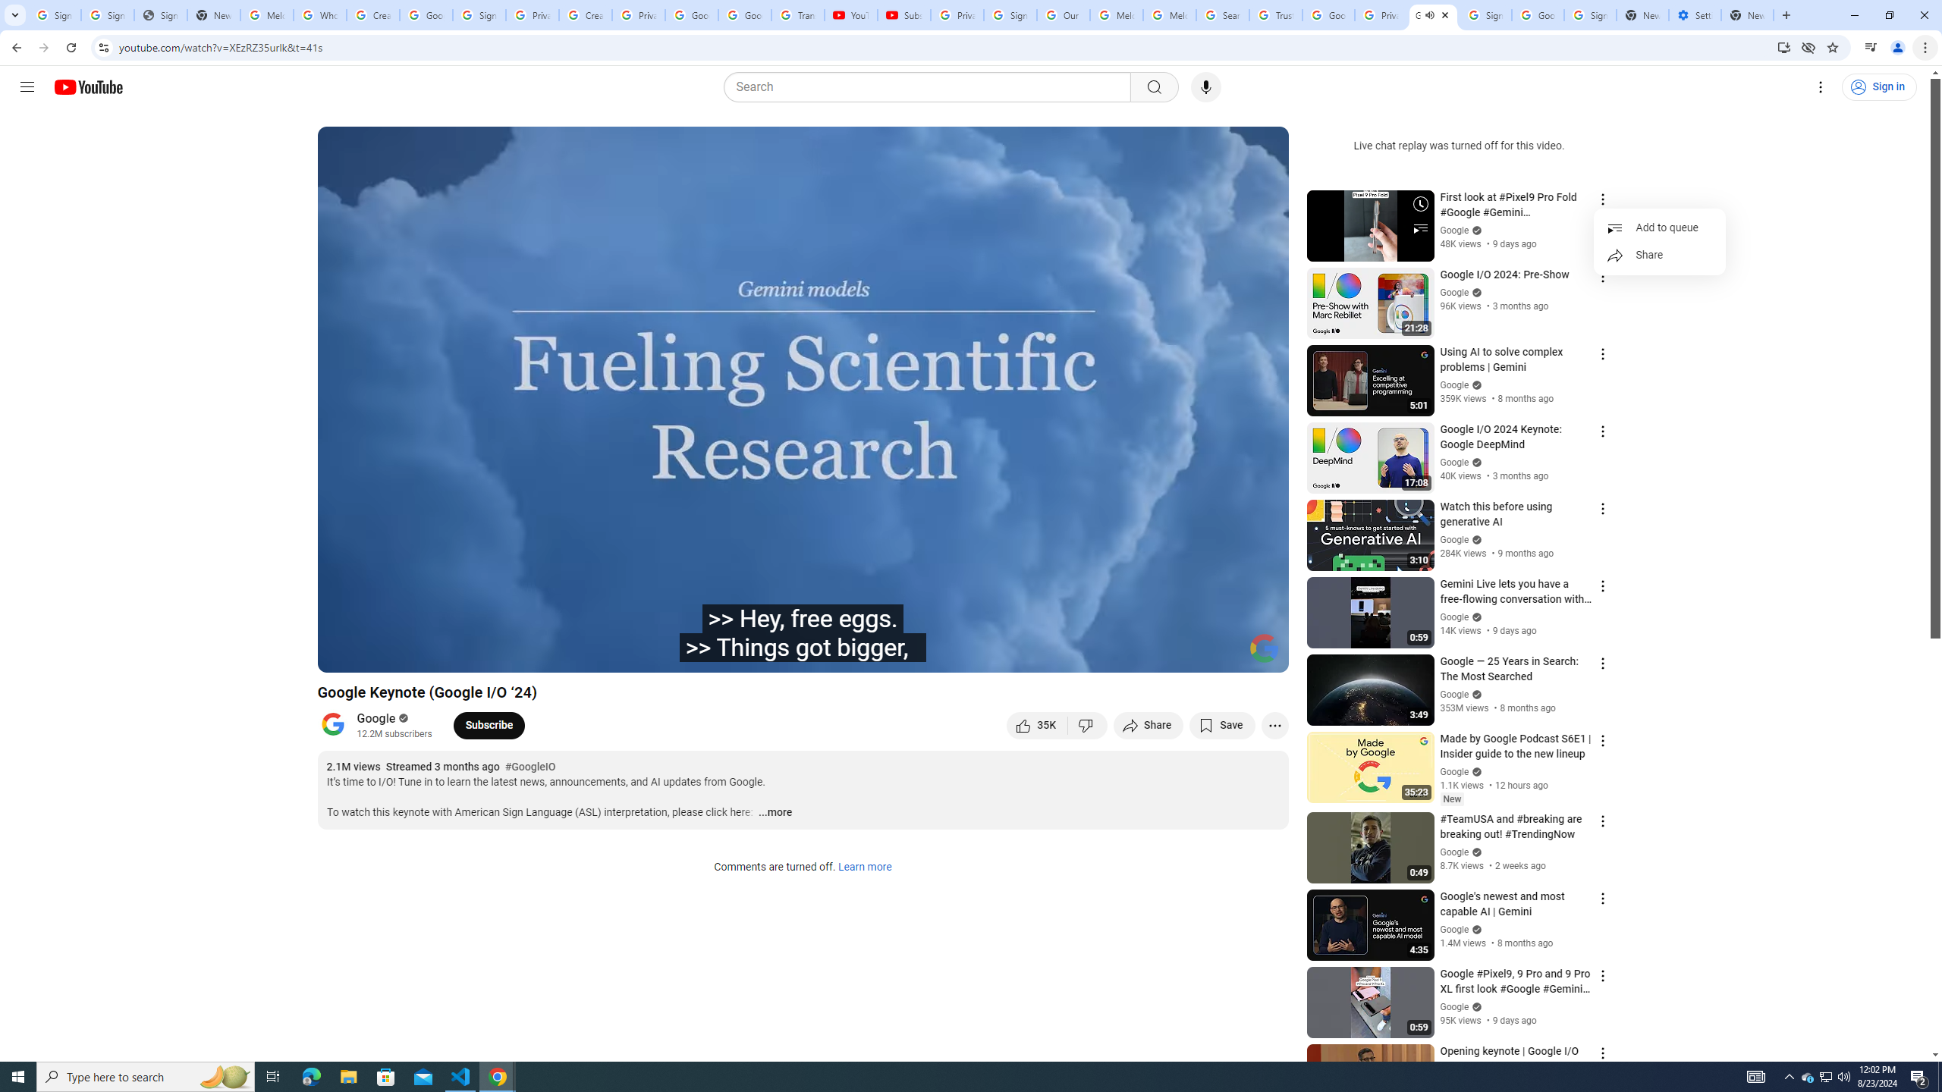  I want to click on 'New Tab', so click(1747, 14).